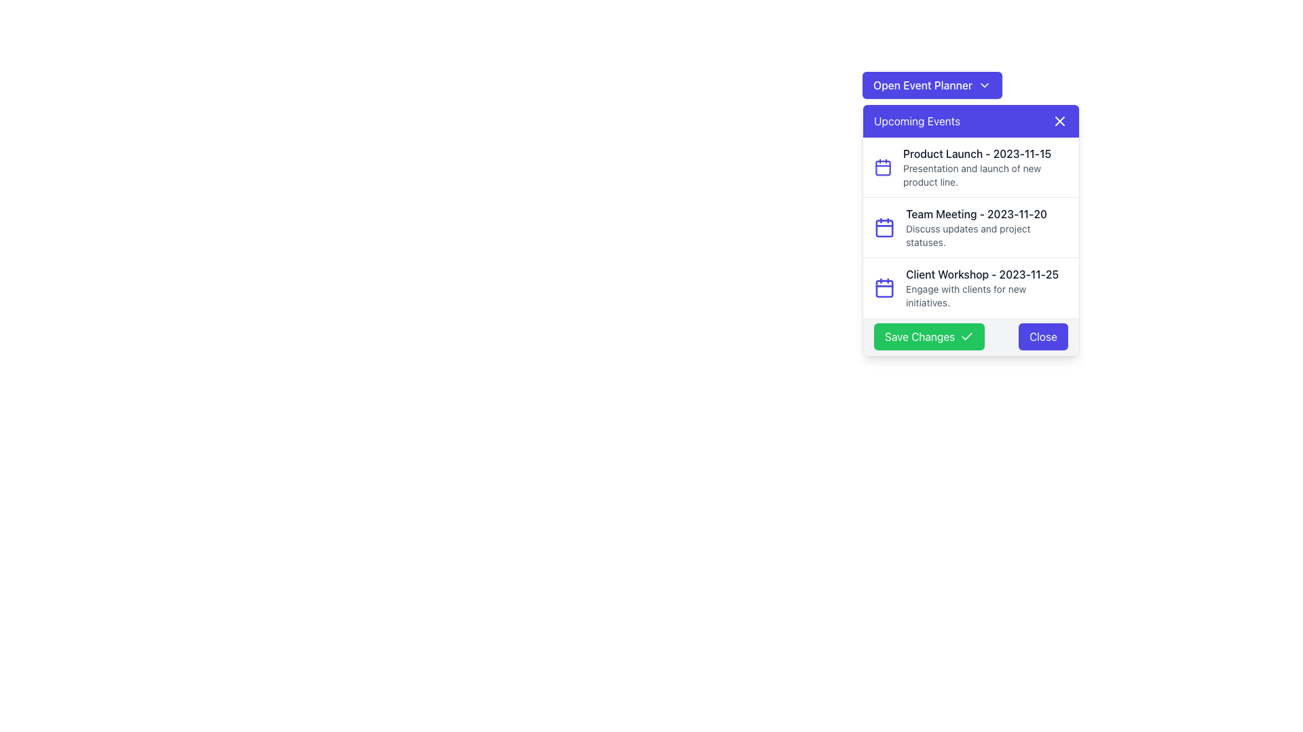  What do you see at coordinates (883, 167) in the screenshot?
I see `the rectangular background element of the calendar icon that serves as the main area, if it is interactive` at bounding box center [883, 167].